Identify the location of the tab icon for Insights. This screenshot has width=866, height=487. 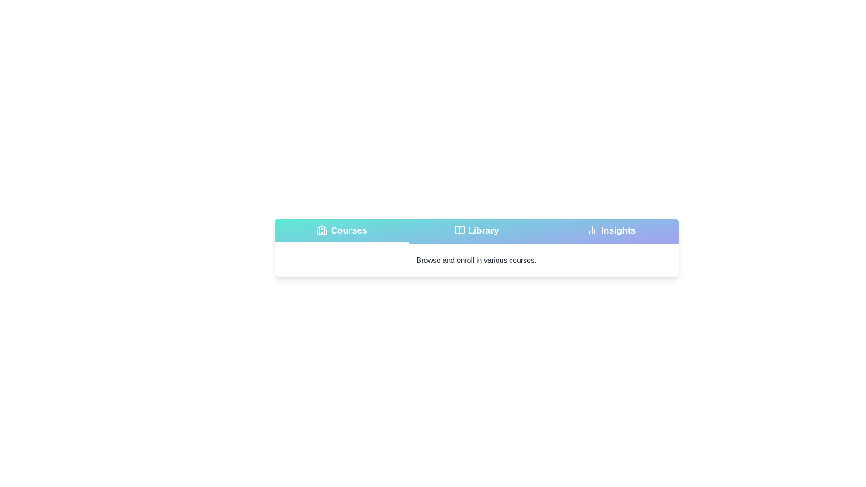
(592, 230).